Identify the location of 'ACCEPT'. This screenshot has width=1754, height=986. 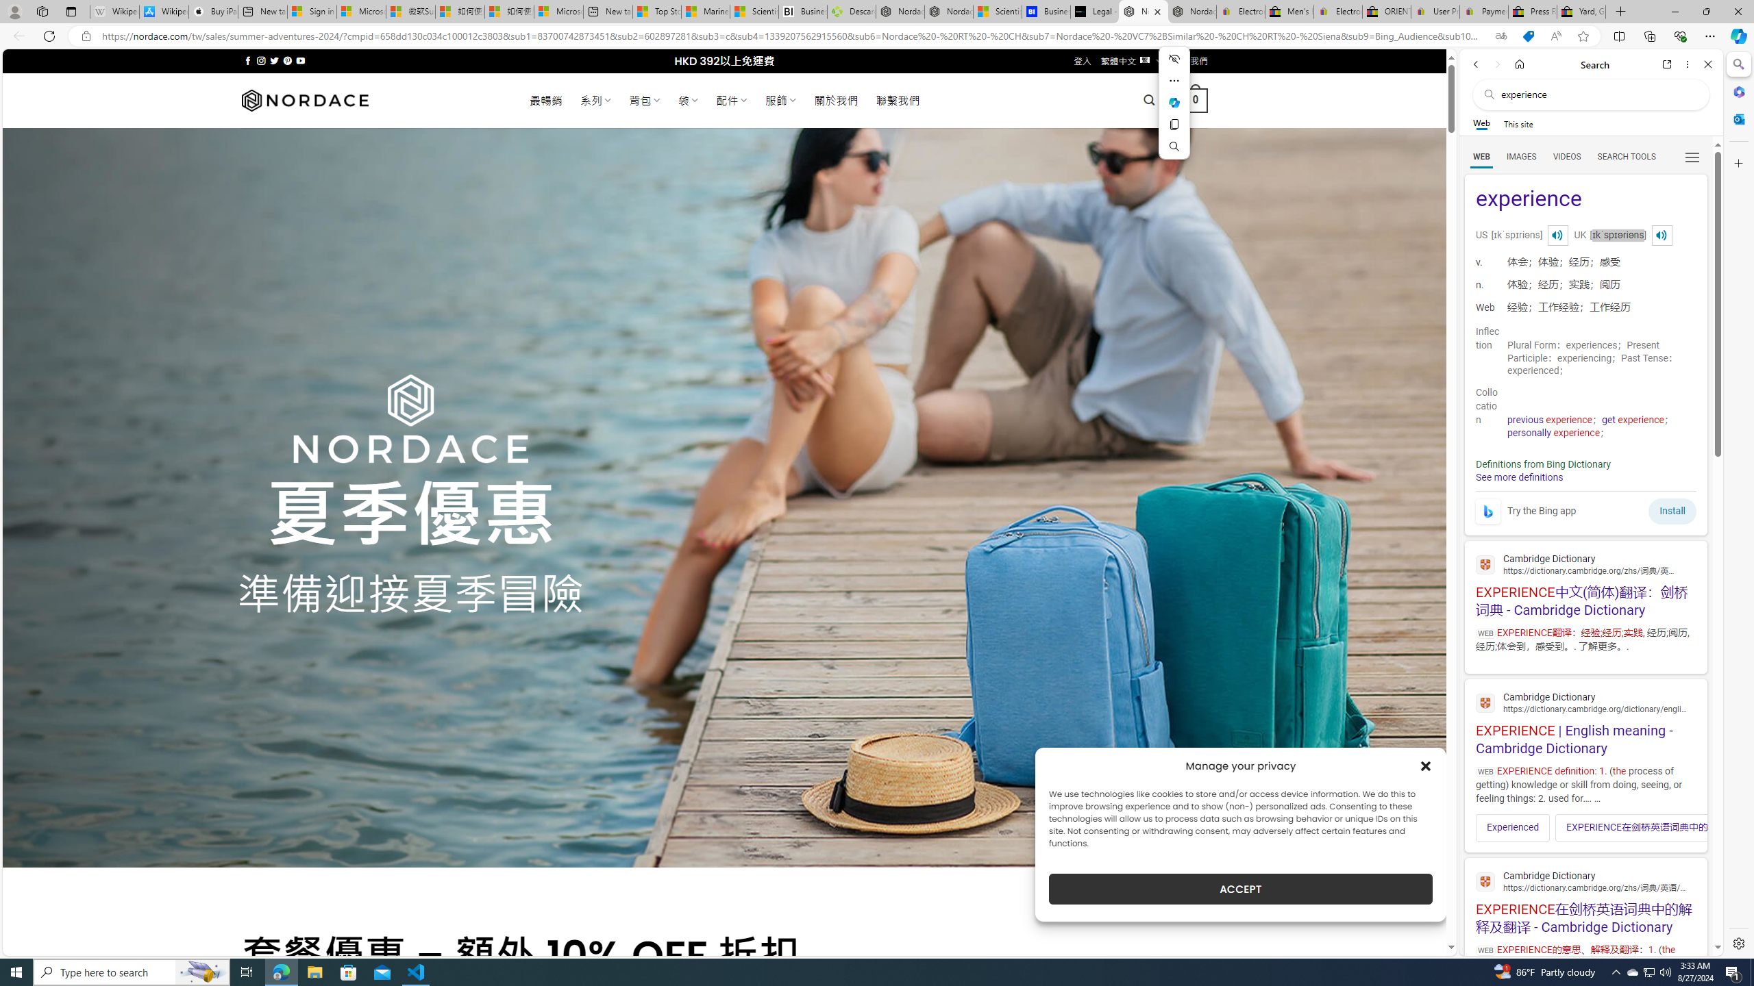
(1240, 889).